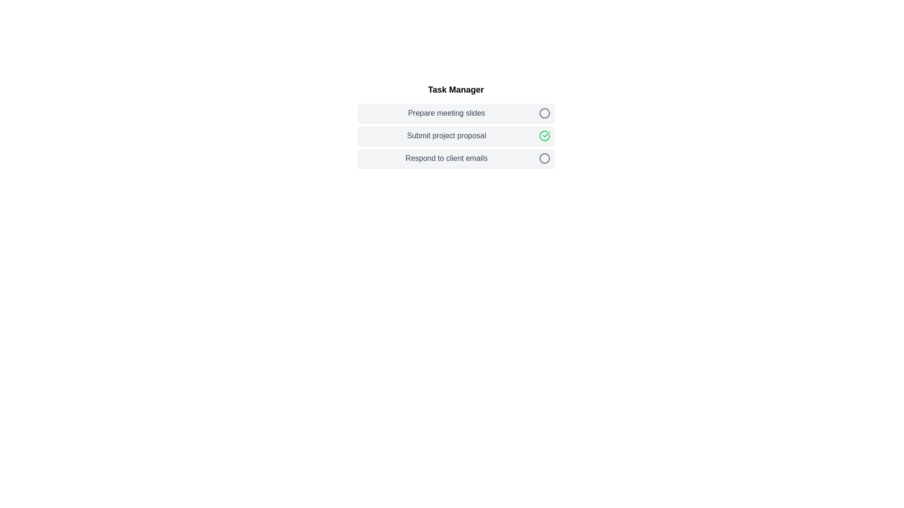  What do you see at coordinates (446, 136) in the screenshot?
I see `the central Text label that represents a task item in the vertically stacked task list` at bounding box center [446, 136].